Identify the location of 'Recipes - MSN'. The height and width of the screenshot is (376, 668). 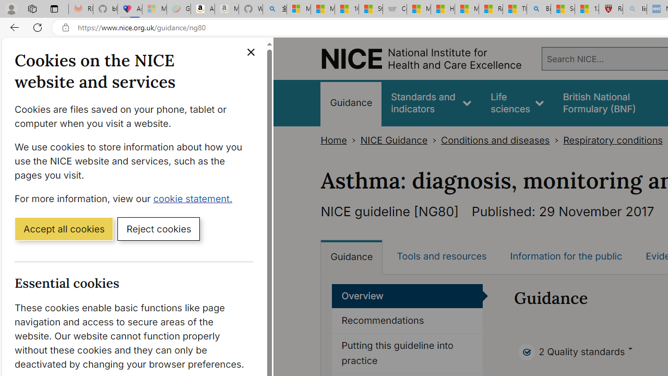
(490, 9).